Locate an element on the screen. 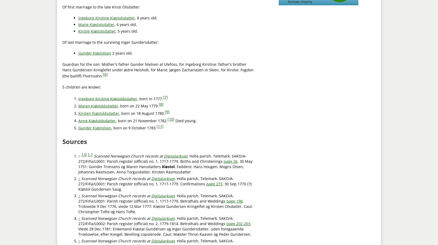 The height and width of the screenshot is (245, 438). '5 children are known:' is located at coordinates (62, 87).